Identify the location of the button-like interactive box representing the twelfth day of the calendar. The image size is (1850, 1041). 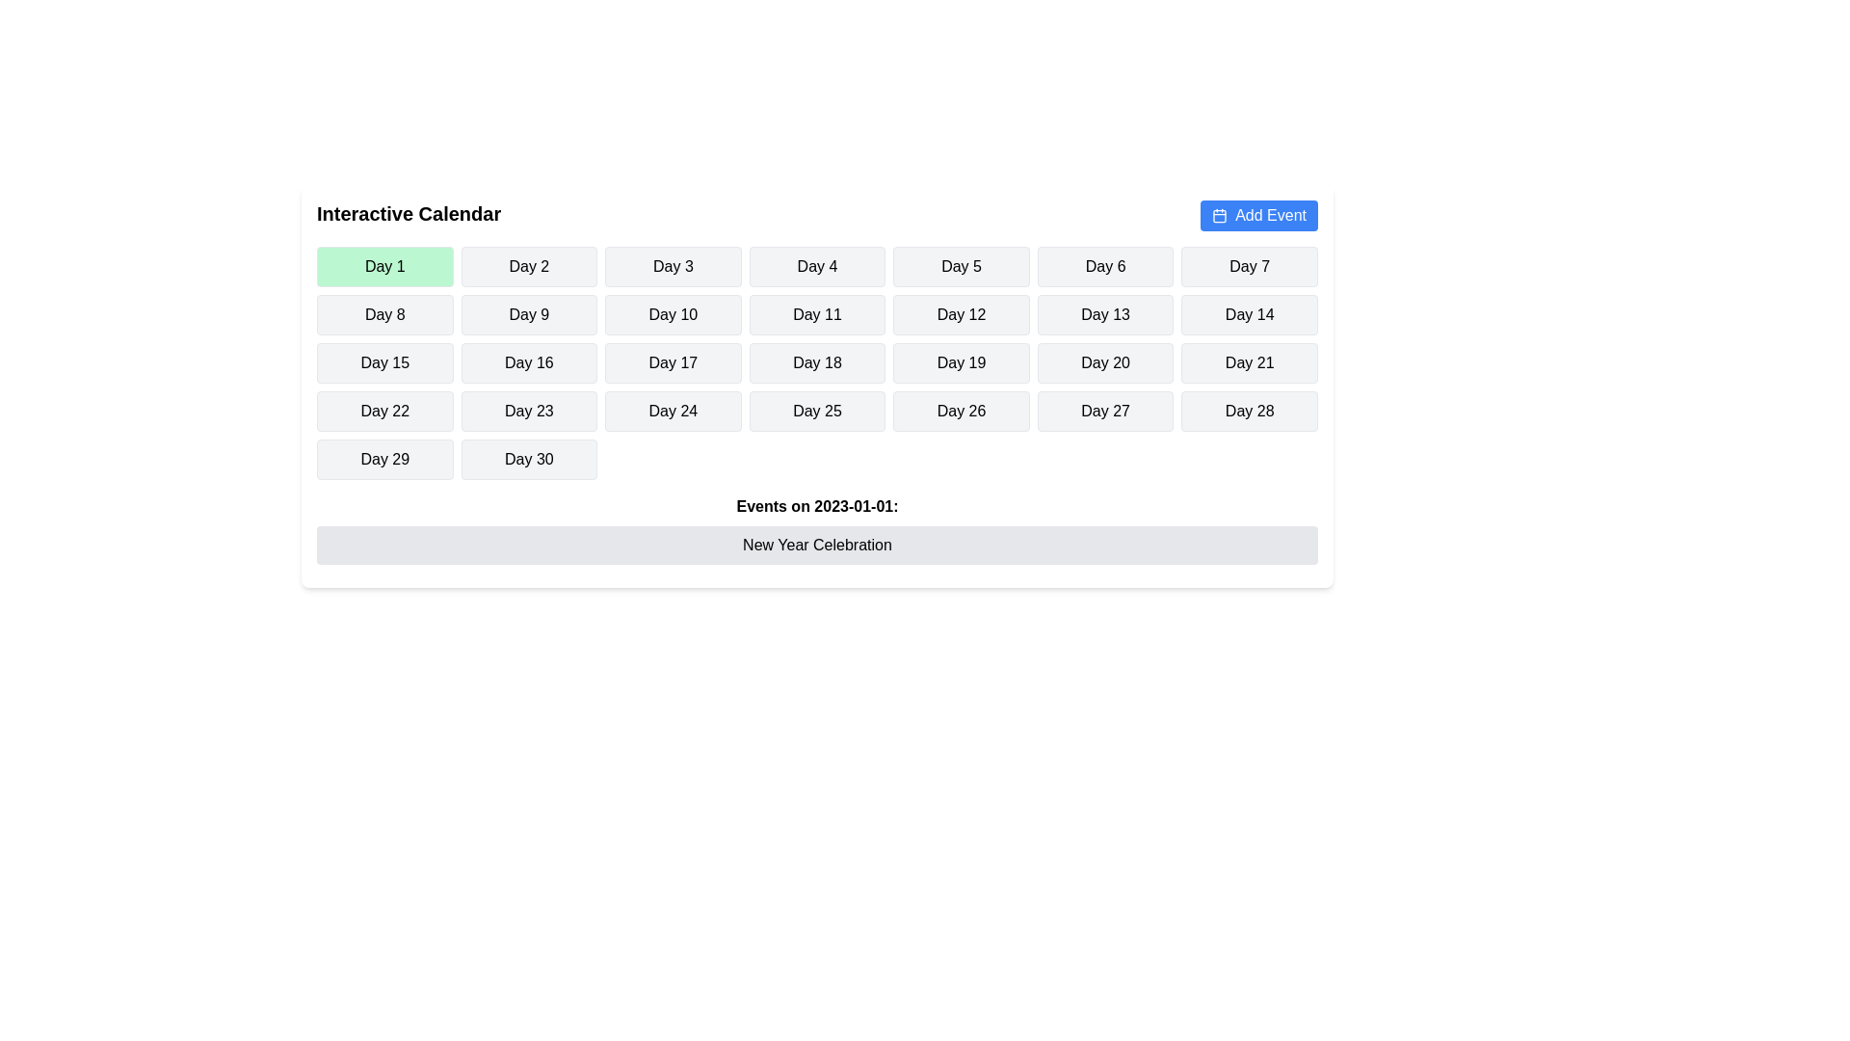
(962, 314).